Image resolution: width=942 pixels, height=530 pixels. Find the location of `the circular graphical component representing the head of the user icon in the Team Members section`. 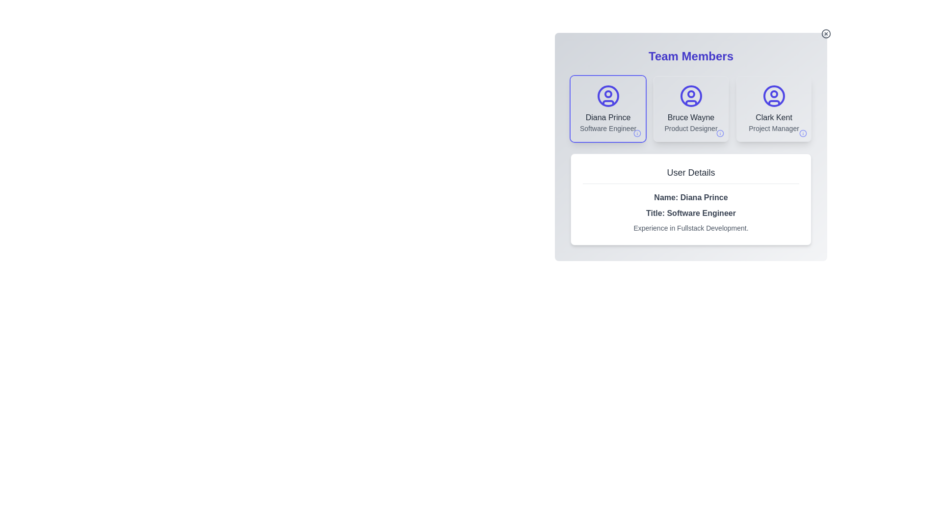

the circular graphical component representing the head of the user icon in the Team Members section is located at coordinates (607, 94).